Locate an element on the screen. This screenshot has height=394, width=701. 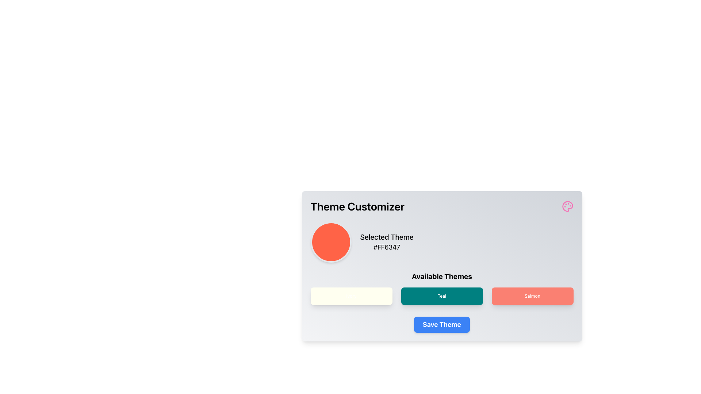
the second selectable theme option button is located at coordinates (441, 296).